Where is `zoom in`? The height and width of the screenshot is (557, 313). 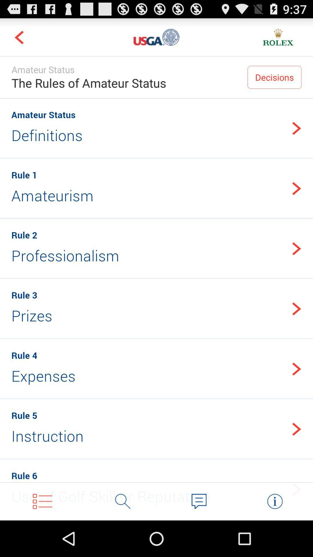 zoom in is located at coordinates (123, 501).